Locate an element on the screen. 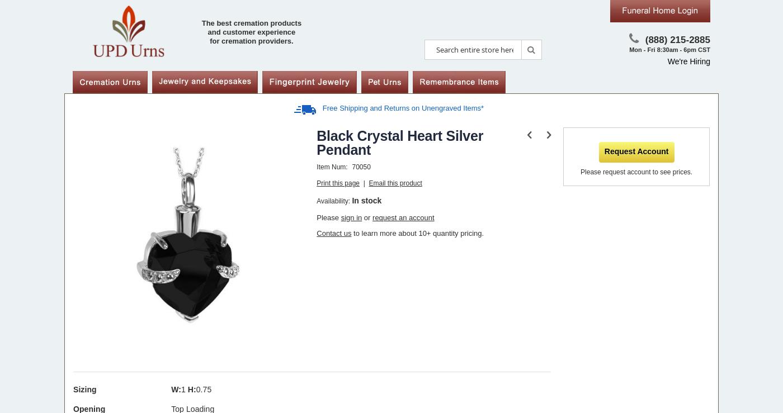 This screenshot has width=783, height=413. '70050' is located at coordinates (361, 166).